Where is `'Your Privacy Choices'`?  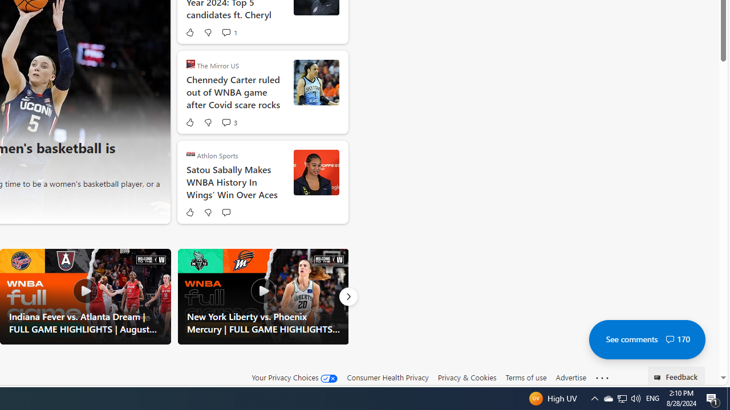
'Your Privacy Choices' is located at coordinates (295, 377).